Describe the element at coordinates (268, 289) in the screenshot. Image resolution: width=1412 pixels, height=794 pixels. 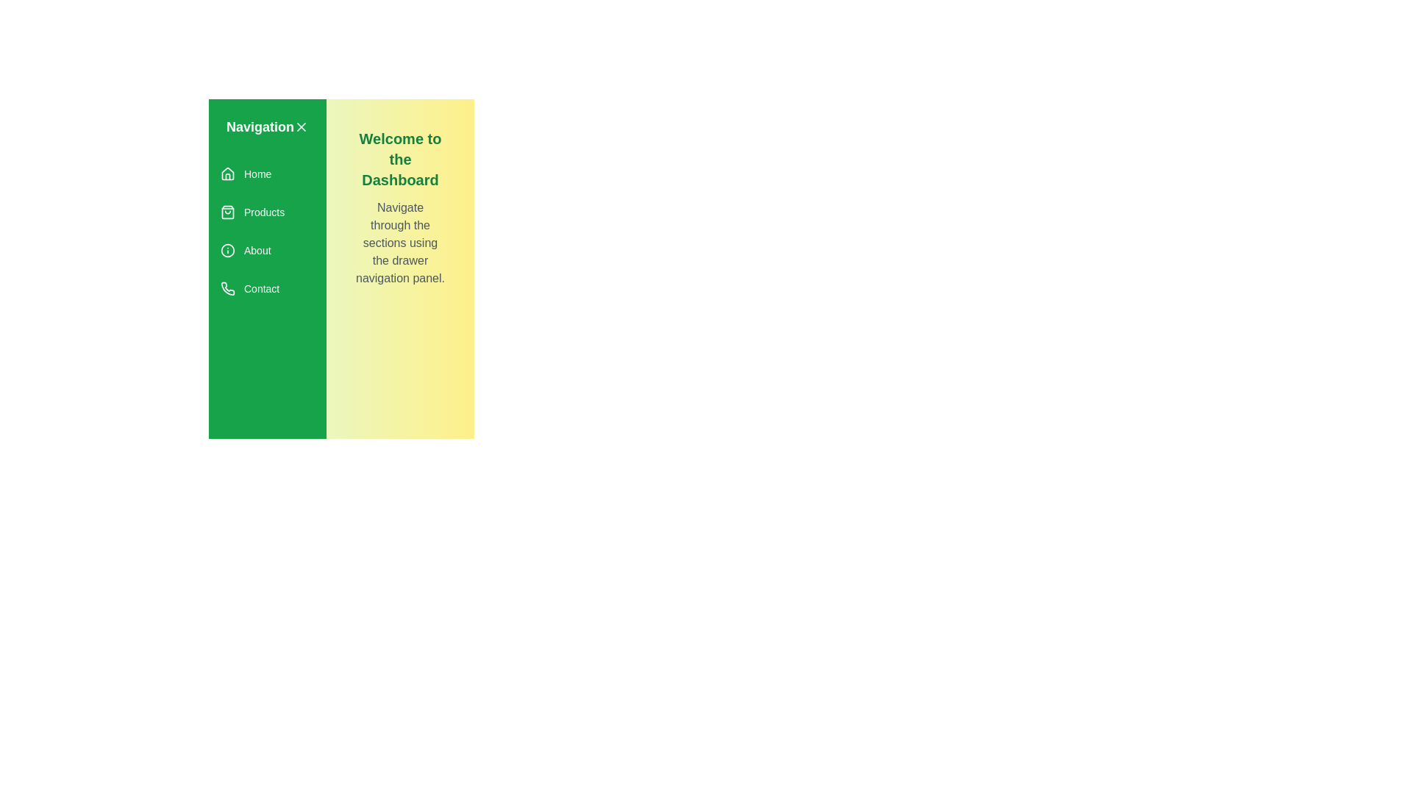
I see `the menu item Contact to navigate to the corresponding section` at that location.